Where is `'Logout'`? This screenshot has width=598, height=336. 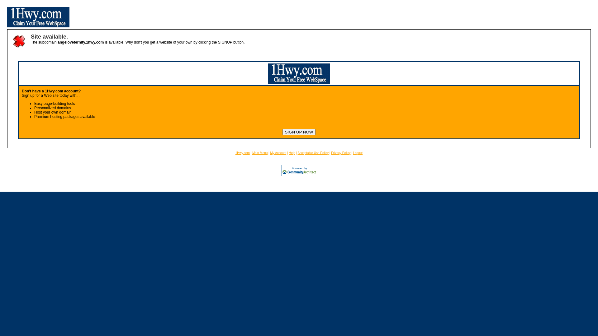 'Logout' is located at coordinates (358, 153).